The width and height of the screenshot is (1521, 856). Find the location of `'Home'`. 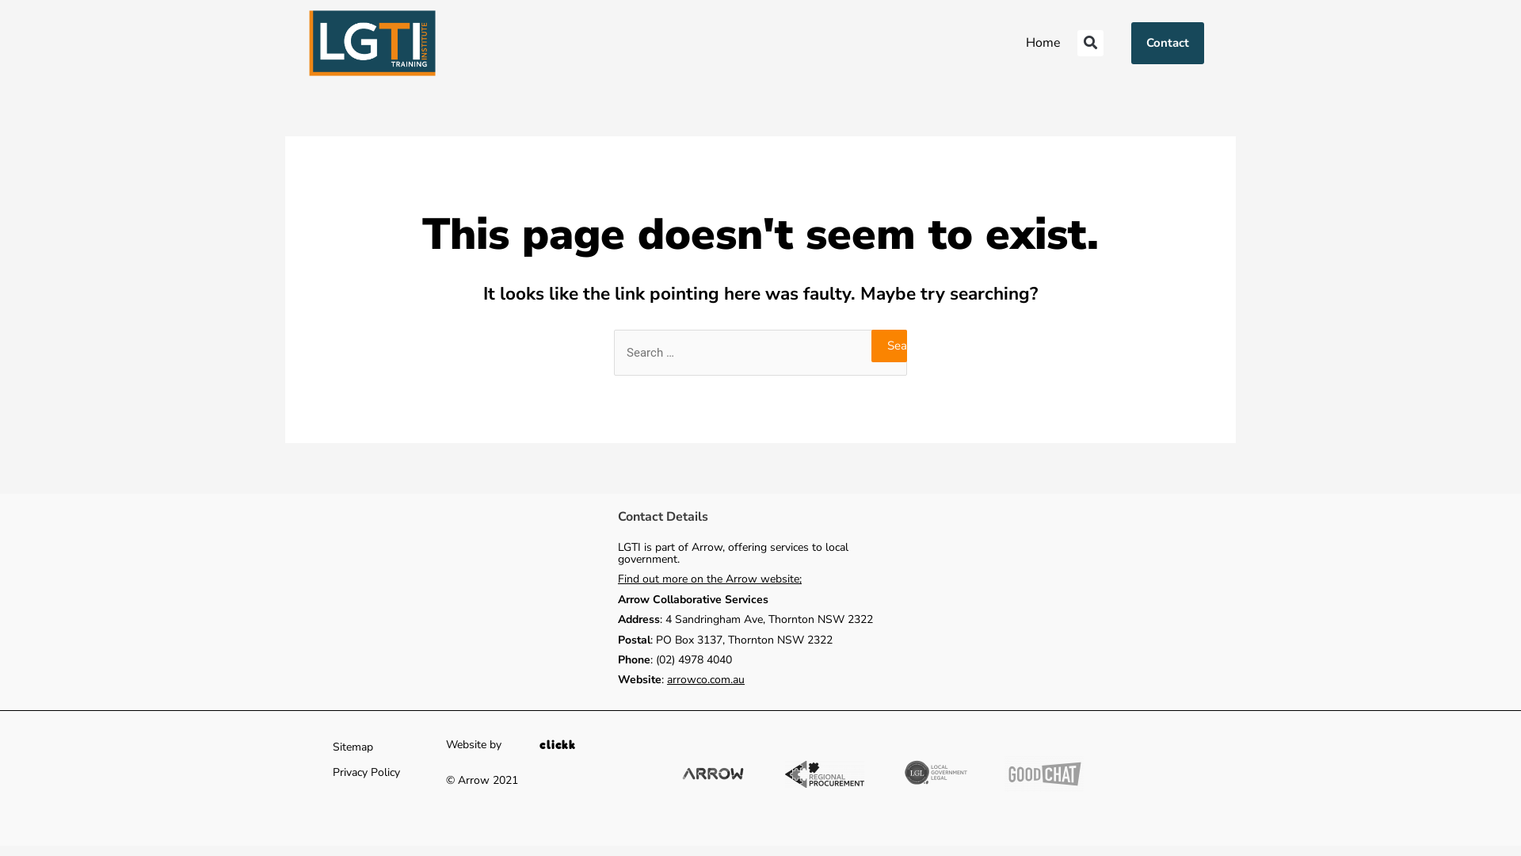

'Home' is located at coordinates (1043, 42).